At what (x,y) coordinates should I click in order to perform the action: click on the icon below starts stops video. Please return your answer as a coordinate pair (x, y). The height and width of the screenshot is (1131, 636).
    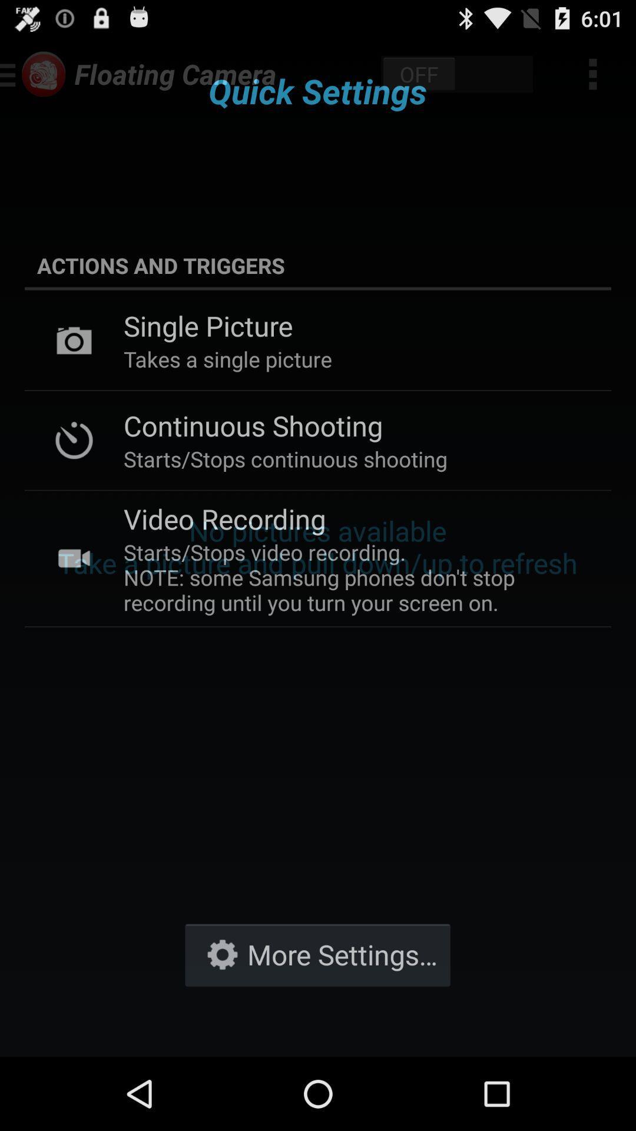
    Looking at the image, I should click on (317, 954).